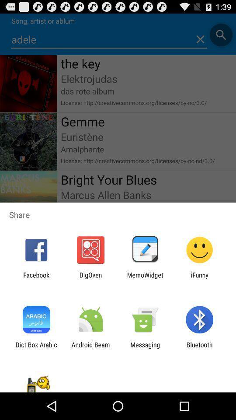 The image size is (236, 420). Describe the element at coordinates (145, 278) in the screenshot. I see `the memowidget app` at that location.